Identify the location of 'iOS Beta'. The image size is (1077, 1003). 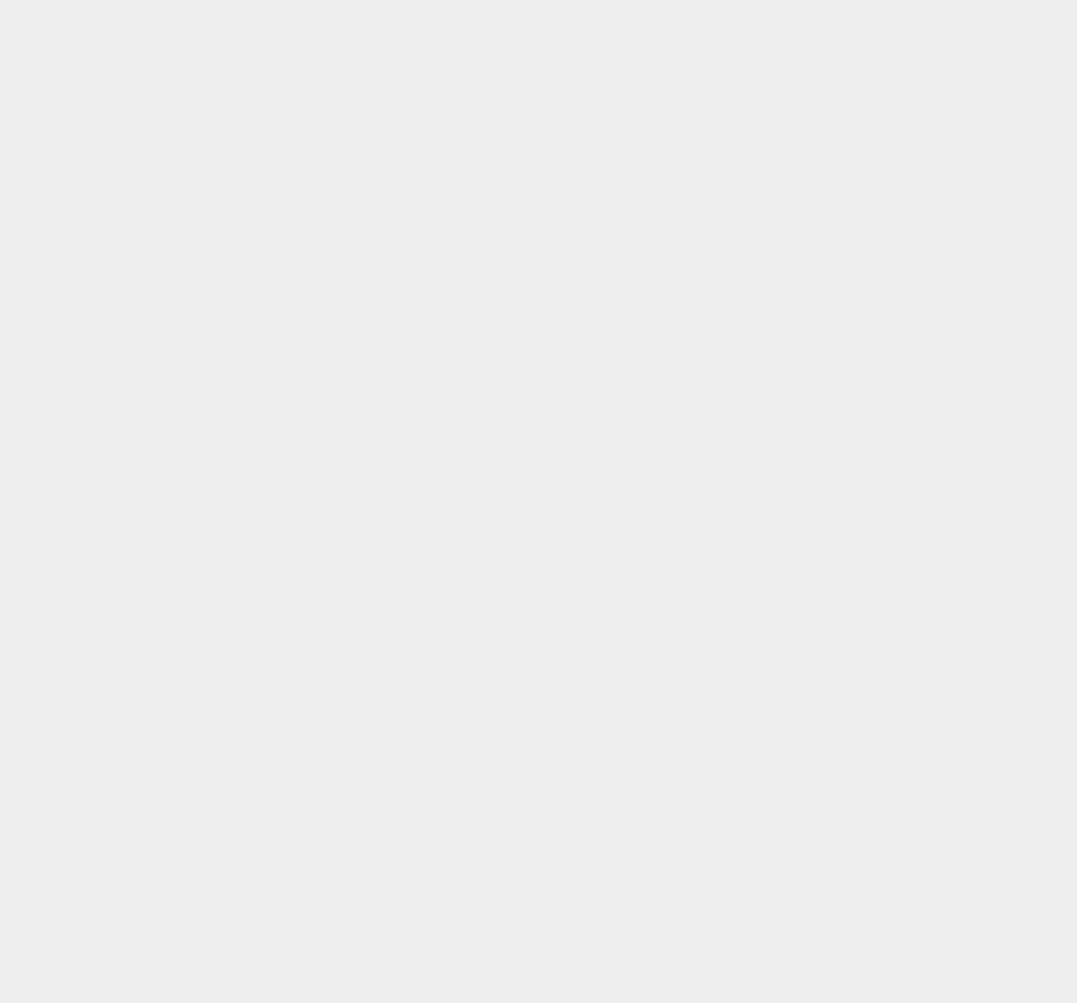
(785, 271).